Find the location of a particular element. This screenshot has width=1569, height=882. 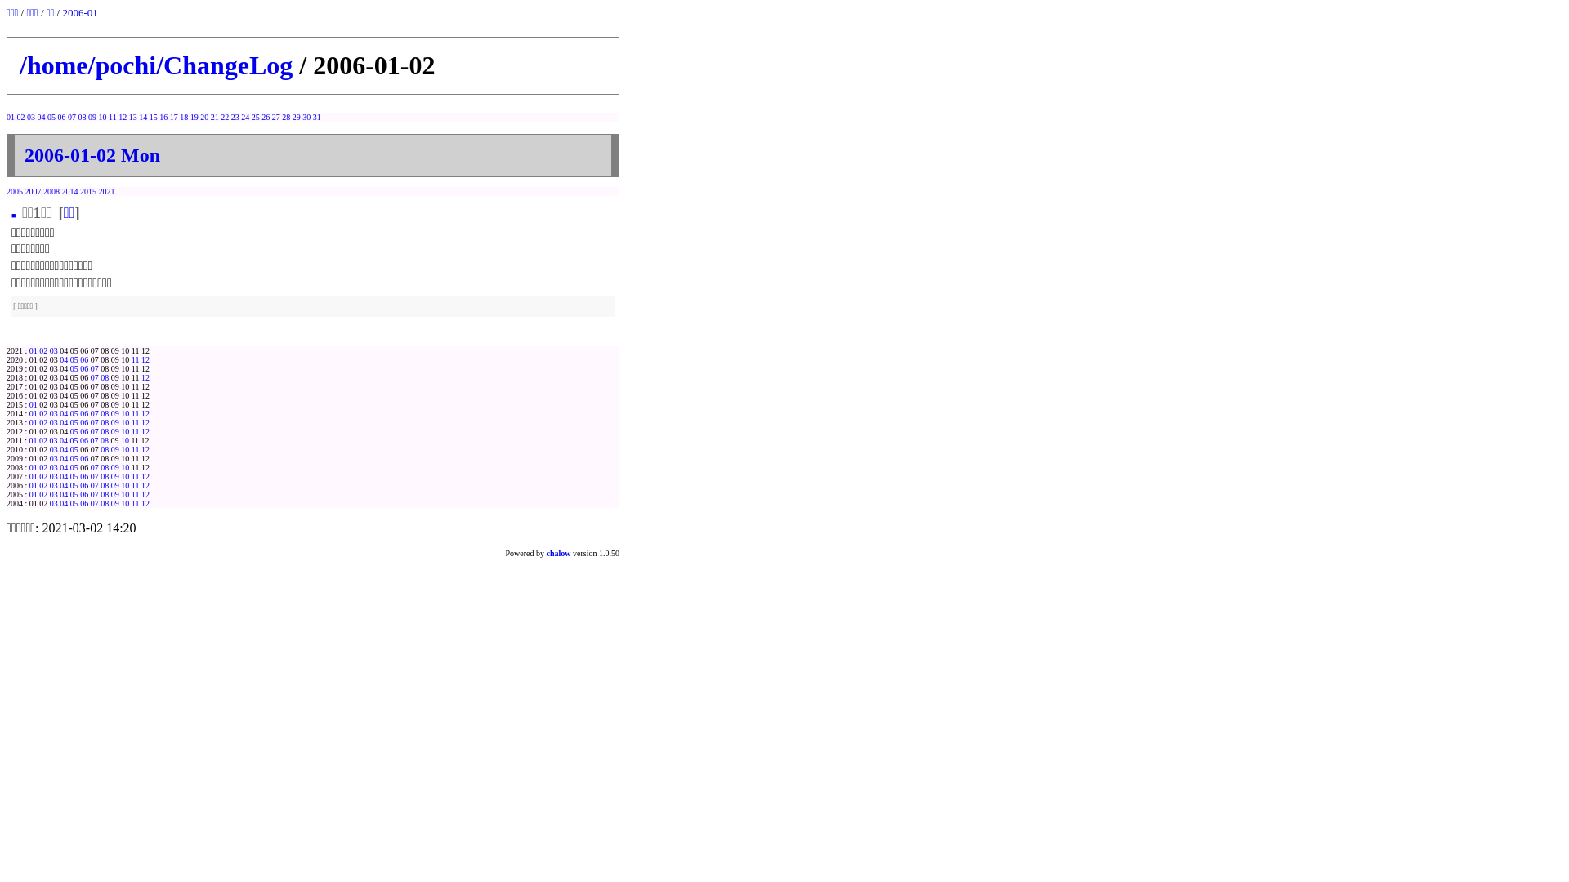

'11' is located at coordinates (132, 430).